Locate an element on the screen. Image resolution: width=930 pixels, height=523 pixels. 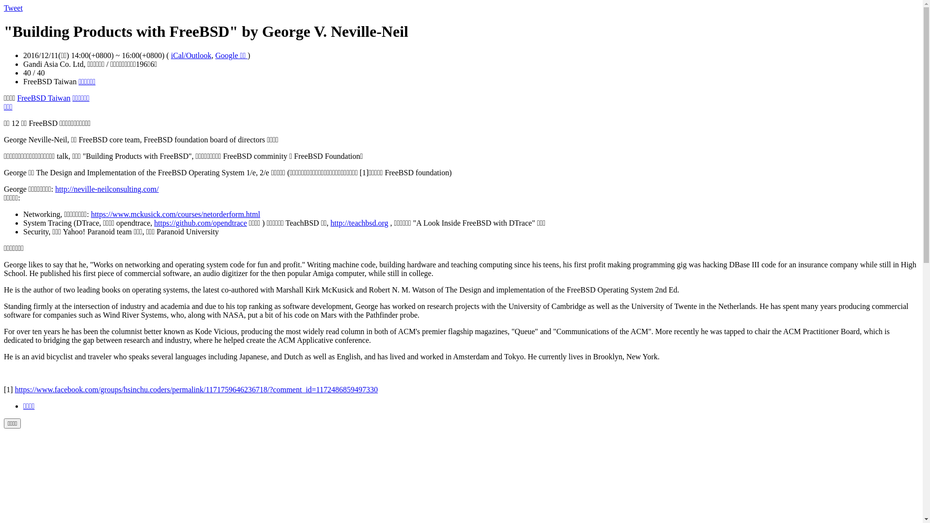
'FreeBSD Taiwan' is located at coordinates (16, 98).